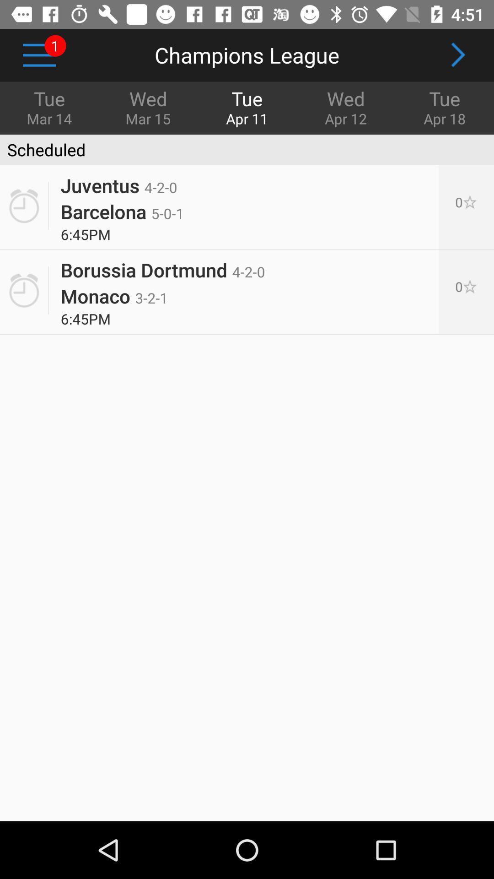 The height and width of the screenshot is (879, 494). Describe the element at coordinates (122, 211) in the screenshot. I see `barcelona 5 0` at that location.